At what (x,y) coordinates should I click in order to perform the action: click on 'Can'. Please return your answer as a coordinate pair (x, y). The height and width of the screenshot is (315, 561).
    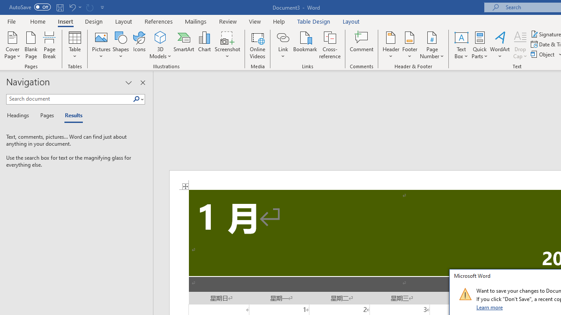
    Looking at the image, I should click on (89, 7).